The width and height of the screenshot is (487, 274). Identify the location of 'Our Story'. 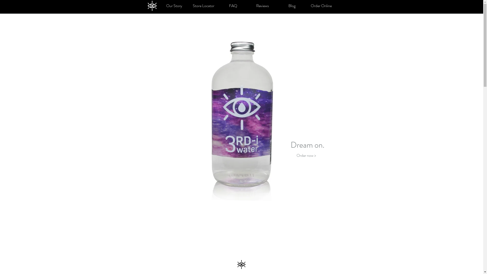
(174, 6).